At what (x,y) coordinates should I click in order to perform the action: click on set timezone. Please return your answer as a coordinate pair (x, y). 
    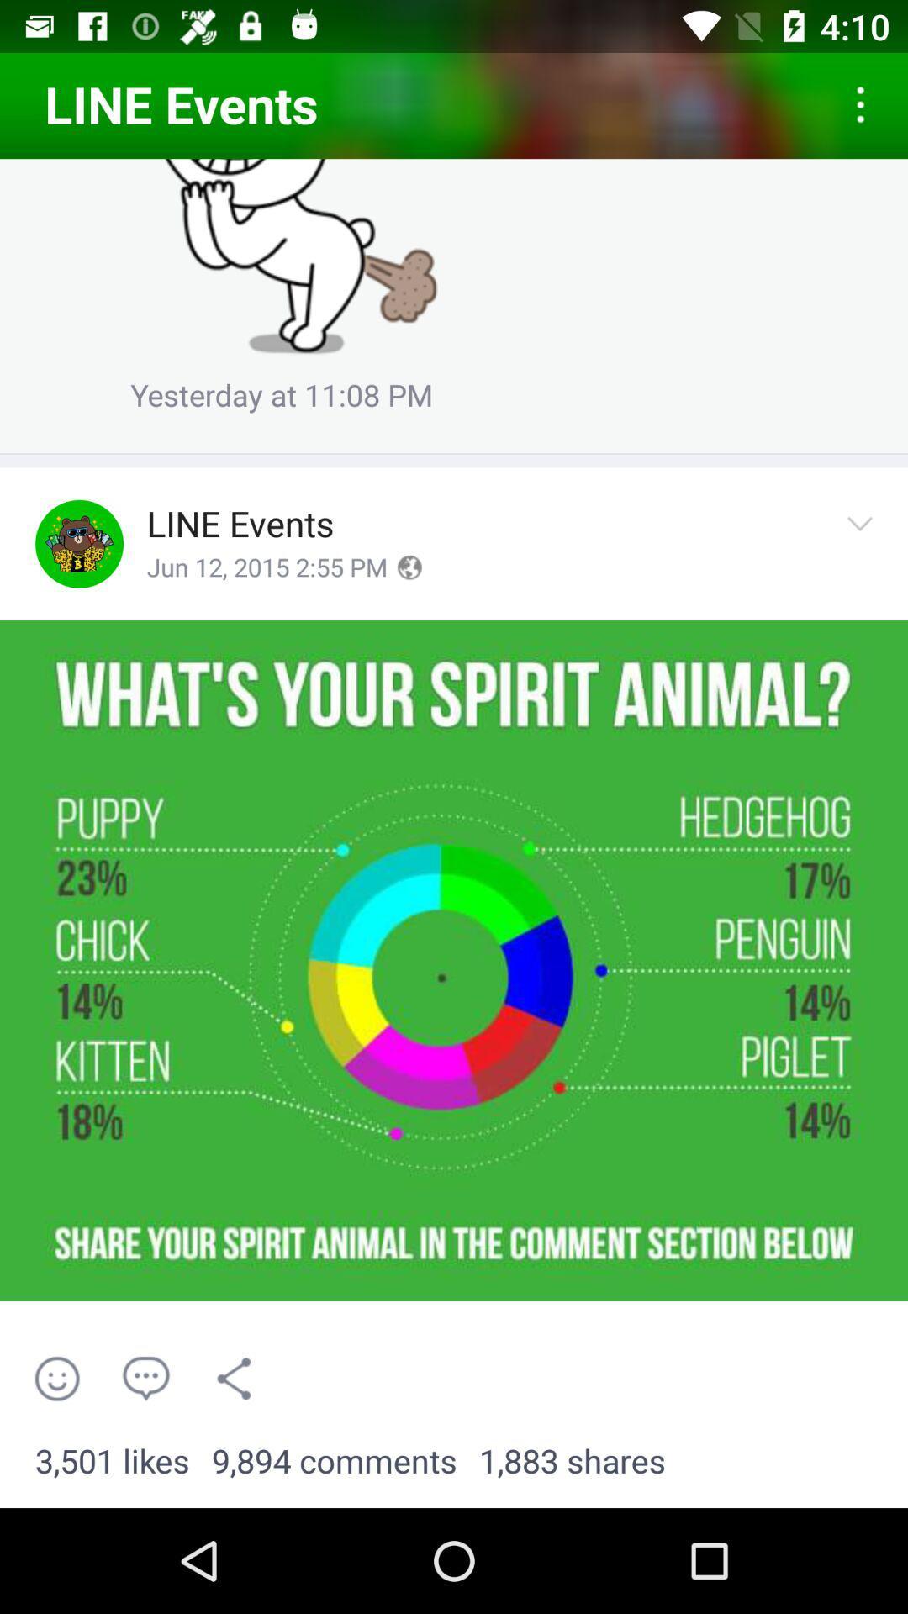
    Looking at the image, I should click on (409, 567).